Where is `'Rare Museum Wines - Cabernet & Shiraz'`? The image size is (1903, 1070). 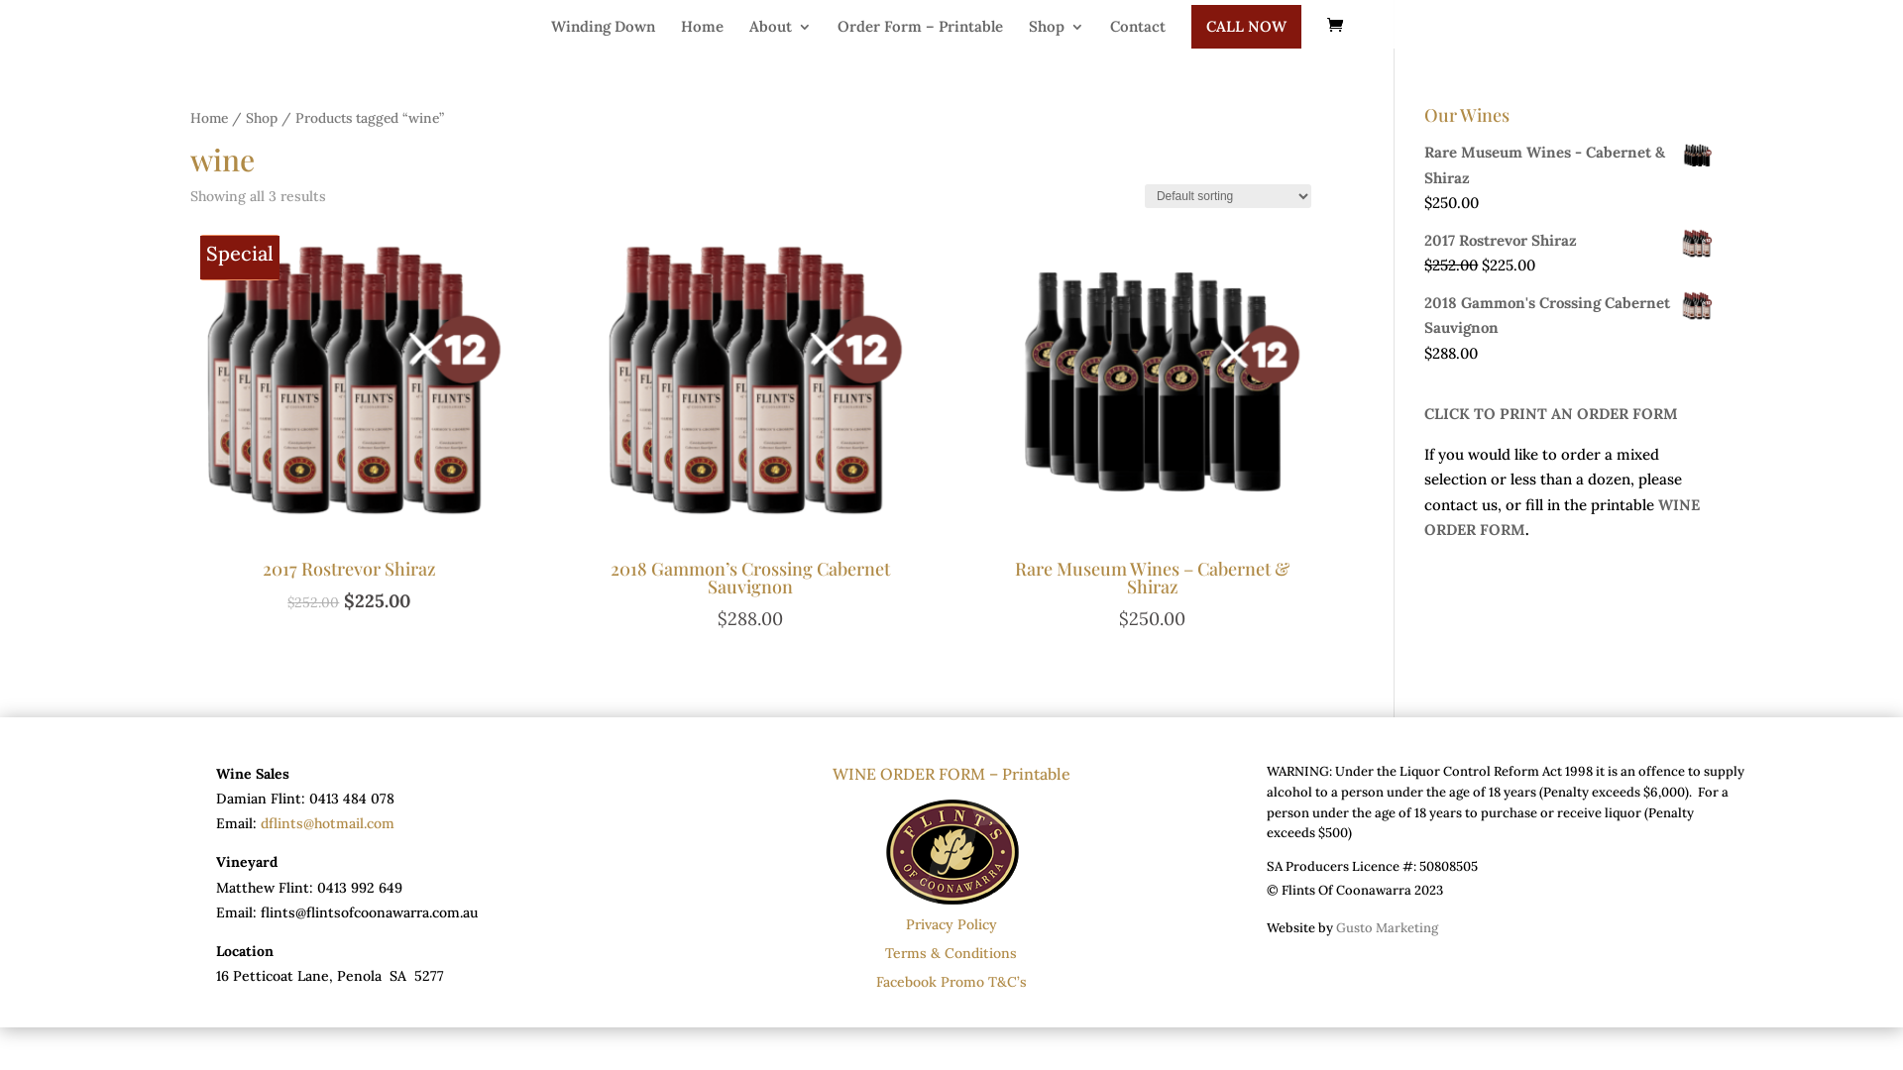 'Rare Museum Wines - Cabernet & Shiraz' is located at coordinates (1567, 163).